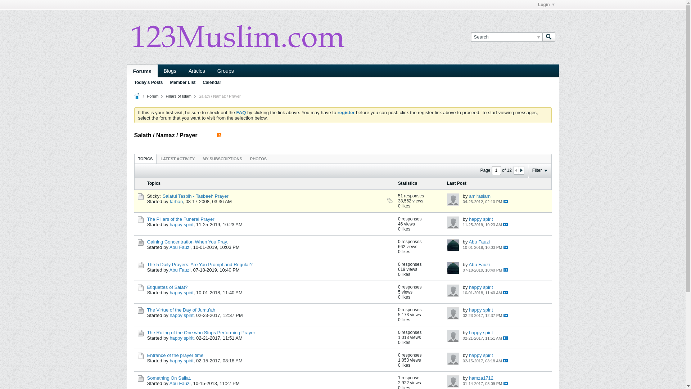 Image resolution: width=691 pixels, height=389 pixels. Describe the element at coordinates (516, 170) in the screenshot. I see `'Previous Page'` at that location.